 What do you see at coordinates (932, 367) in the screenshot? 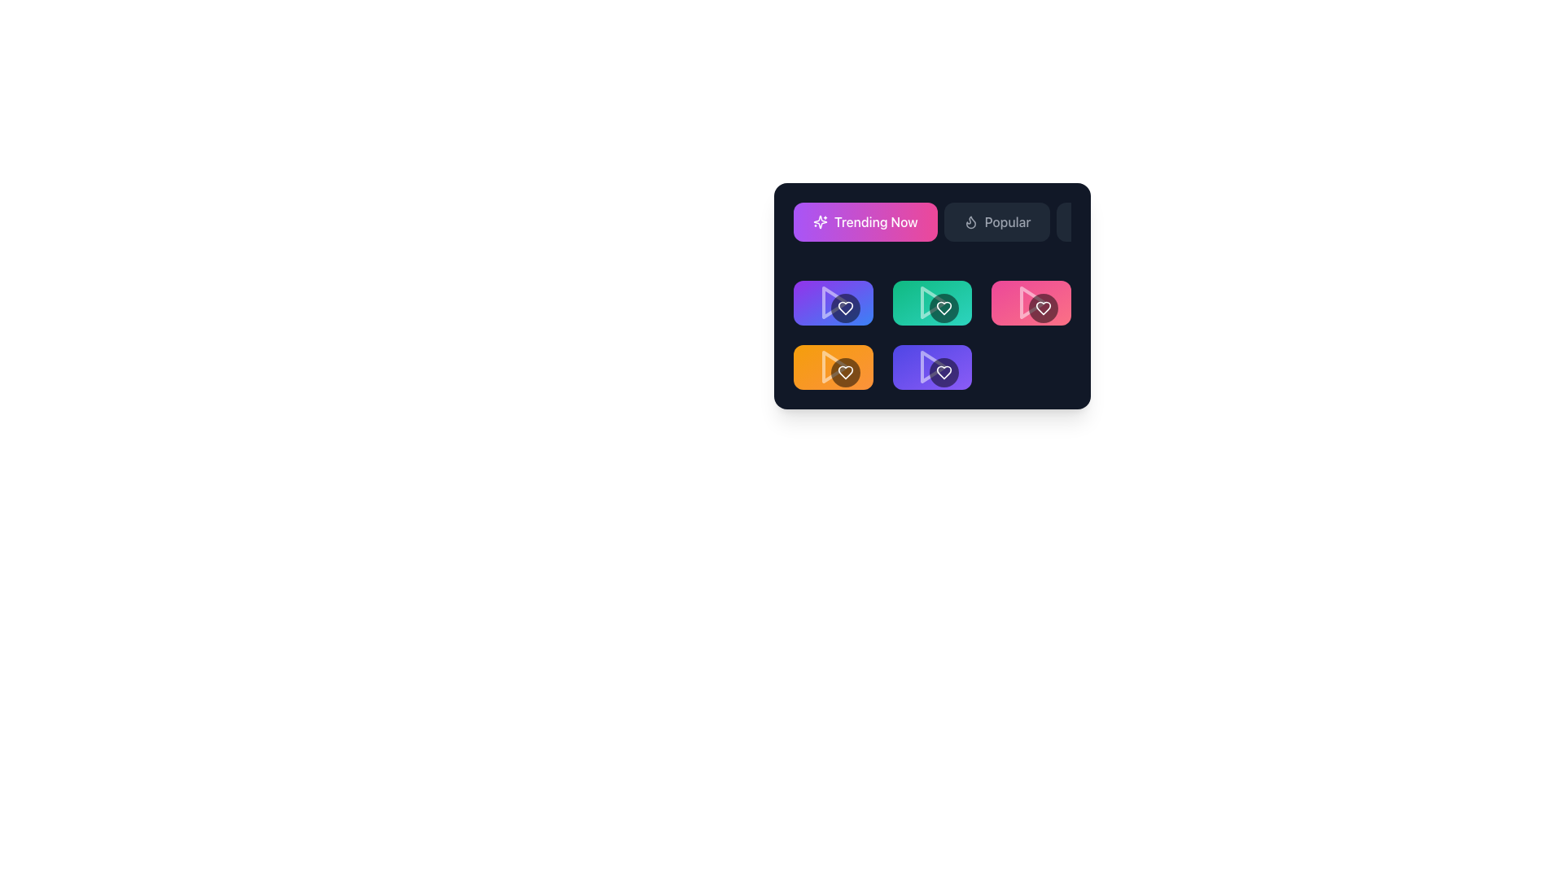
I see `the triangular play icon outlined in white, which is positioned over a purple circular background to initiate playback` at bounding box center [932, 367].